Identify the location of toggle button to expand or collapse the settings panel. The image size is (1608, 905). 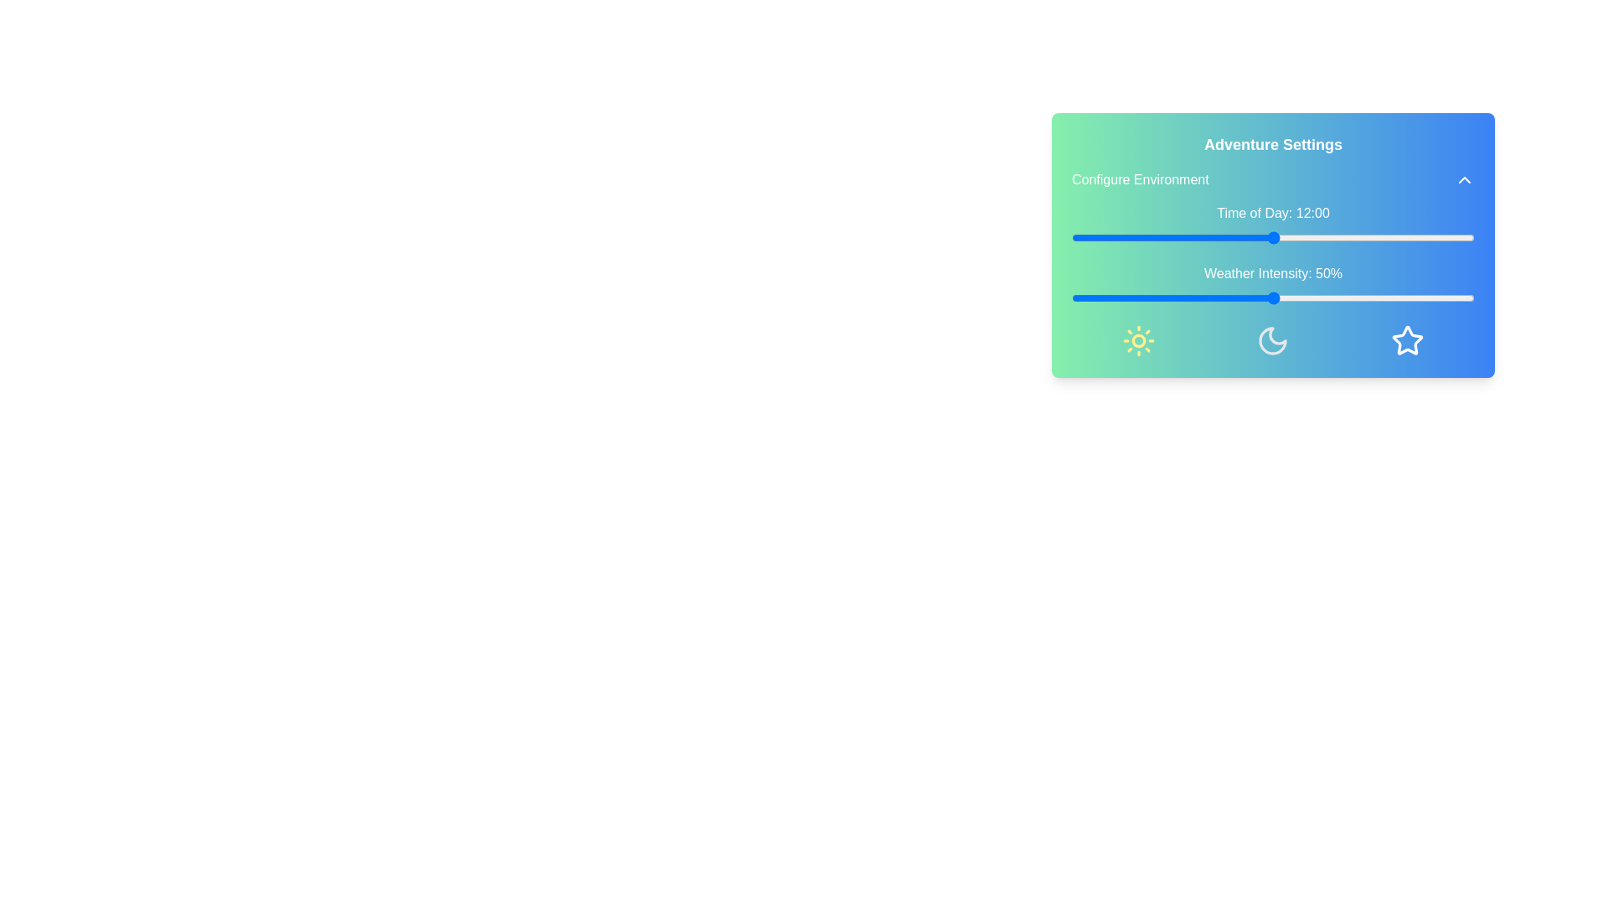
(1463, 180).